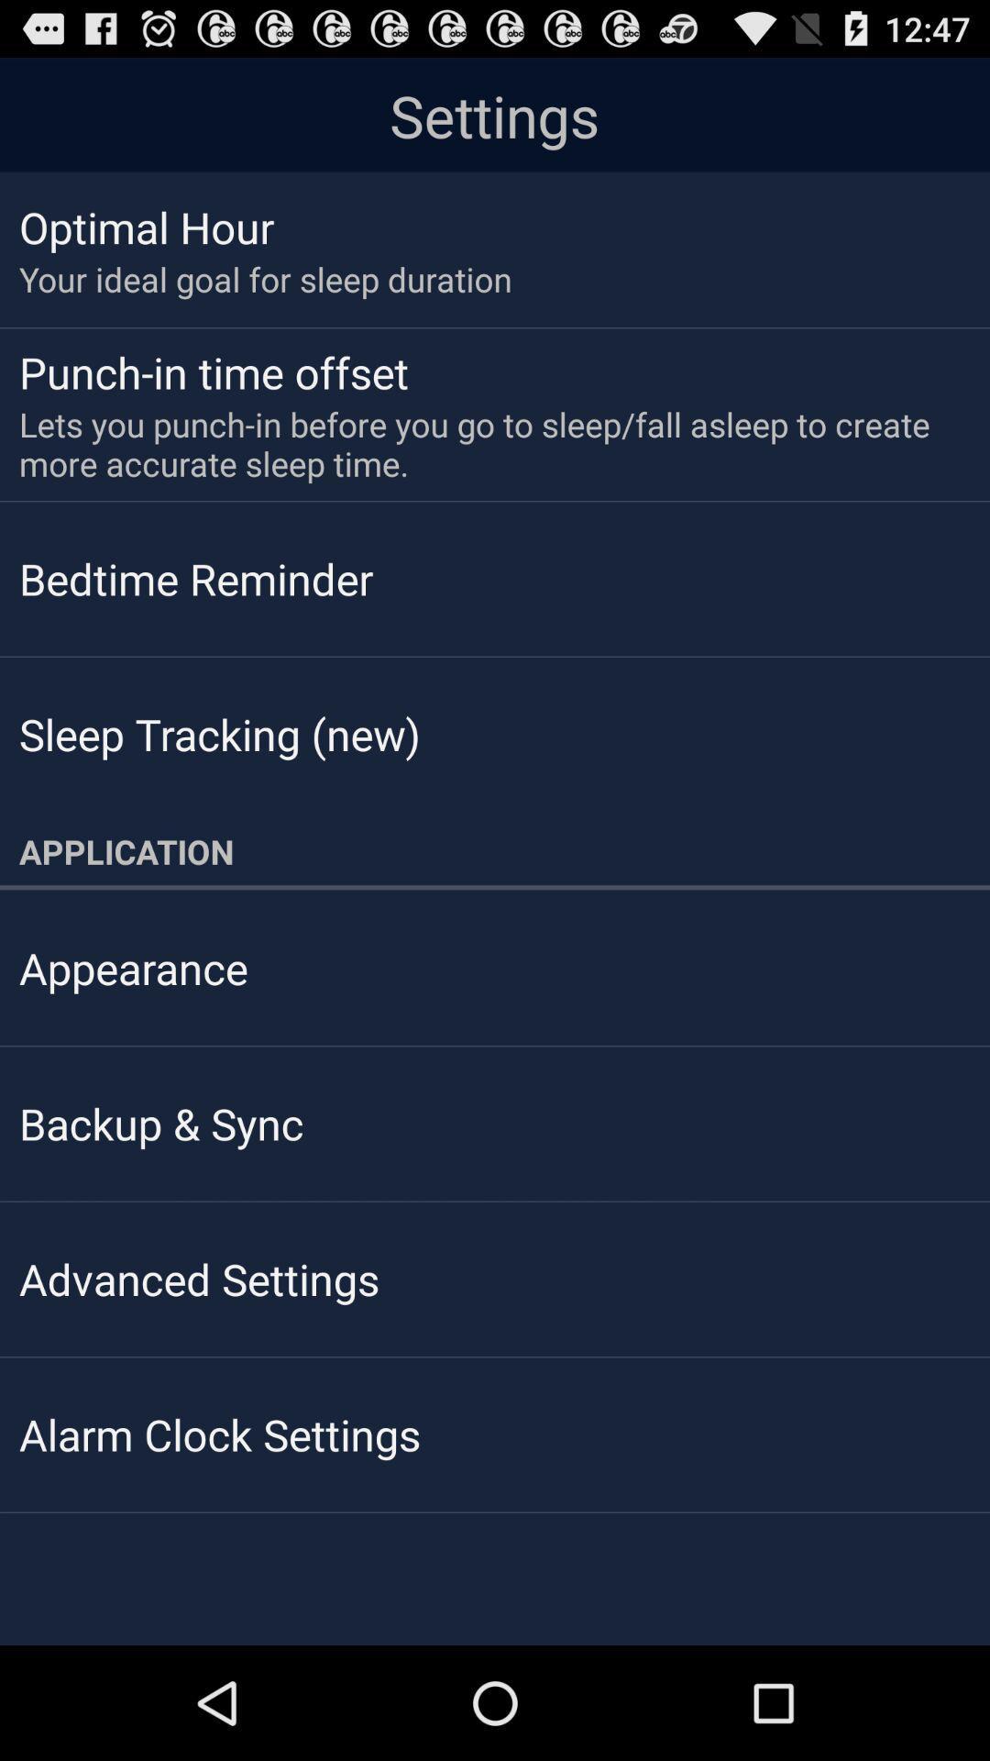  I want to click on the icon above the bedtime reminder app, so click(481, 444).